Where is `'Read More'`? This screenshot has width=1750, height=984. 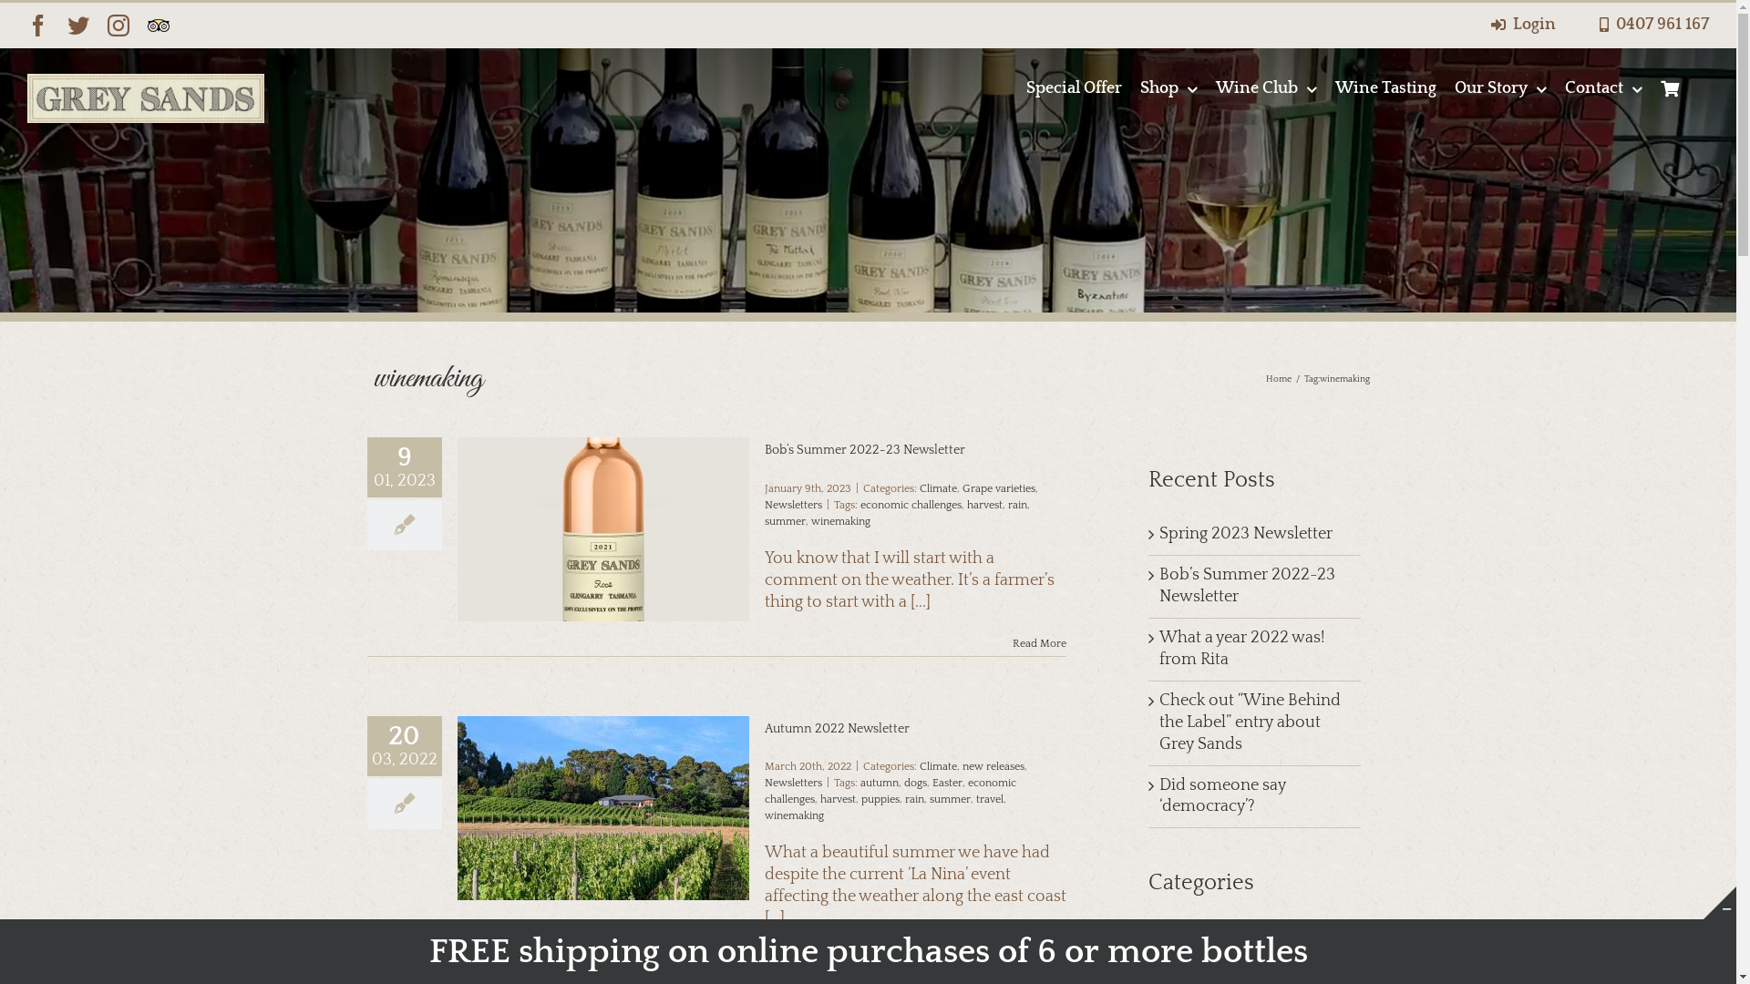 'Read More' is located at coordinates (1038, 958).